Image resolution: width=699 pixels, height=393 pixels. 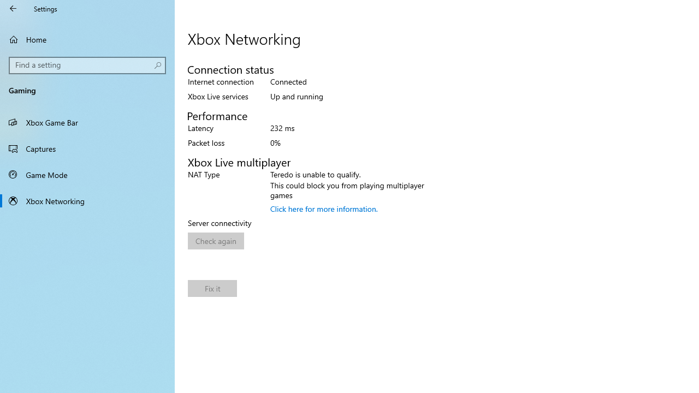 What do you see at coordinates (87, 65) in the screenshot?
I see `'Search box, Find a setting'` at bounding box center [87, 65].